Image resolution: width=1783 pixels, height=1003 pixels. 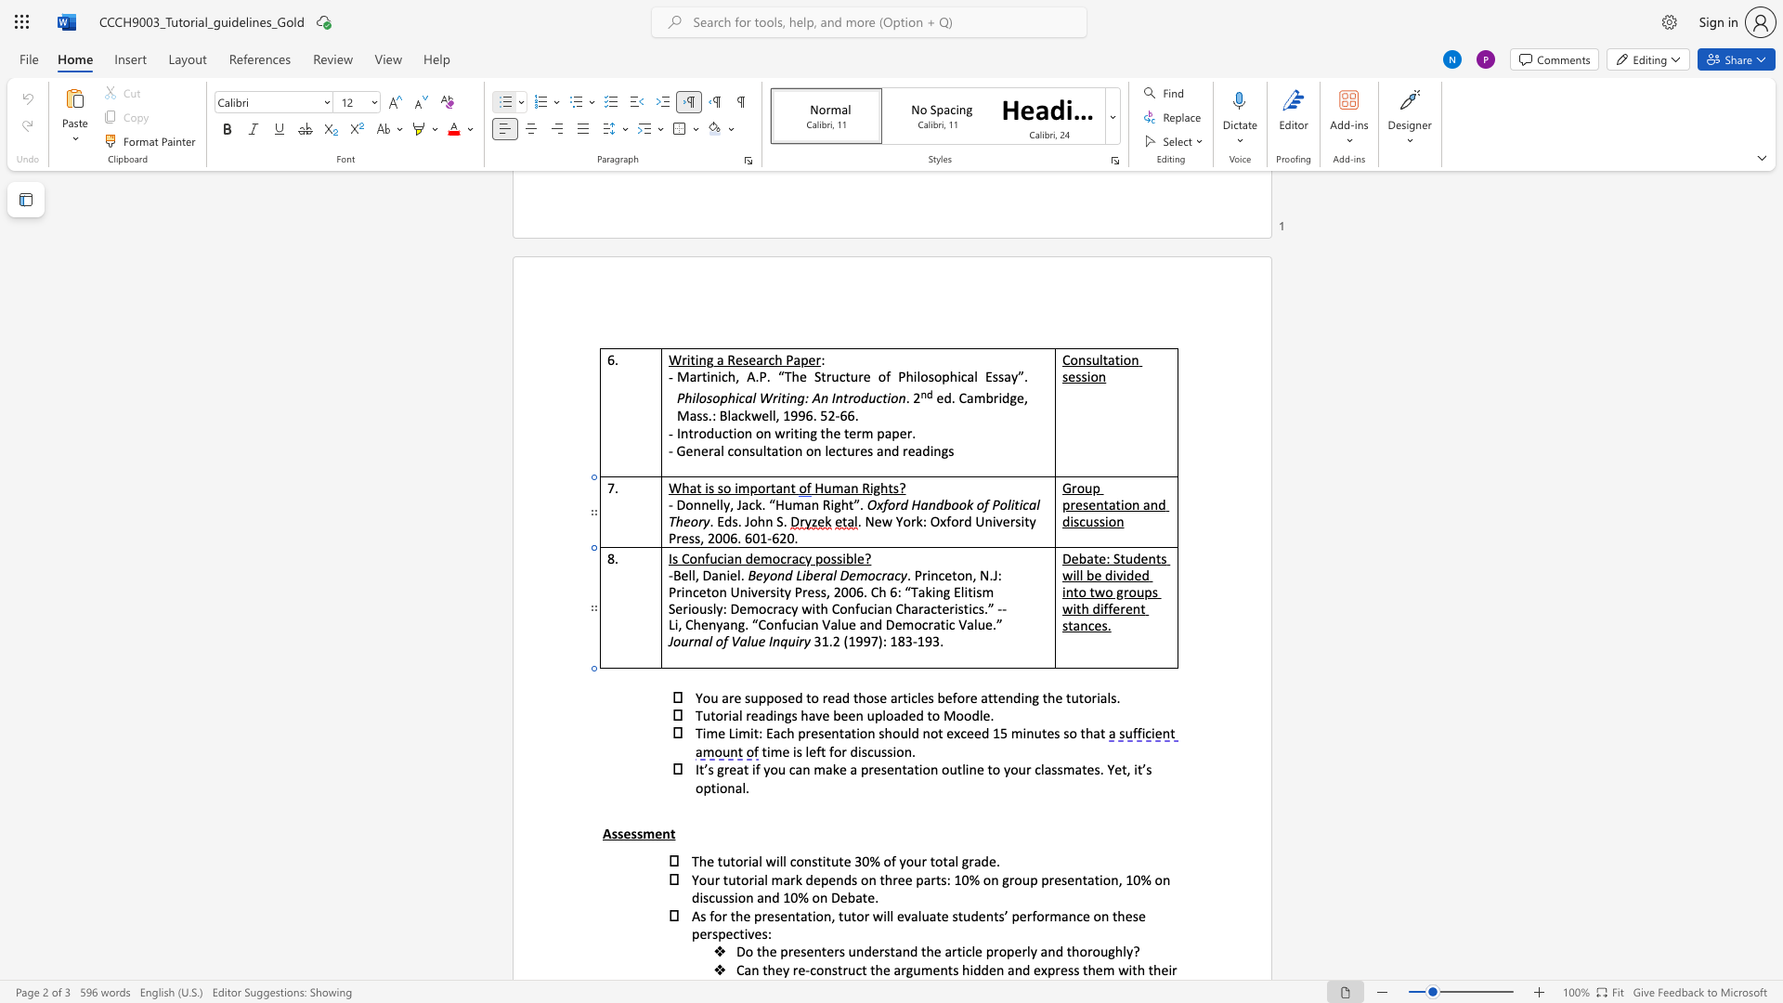 I want to click on the 1th character "n" in the text, so click(x=700, y=557).